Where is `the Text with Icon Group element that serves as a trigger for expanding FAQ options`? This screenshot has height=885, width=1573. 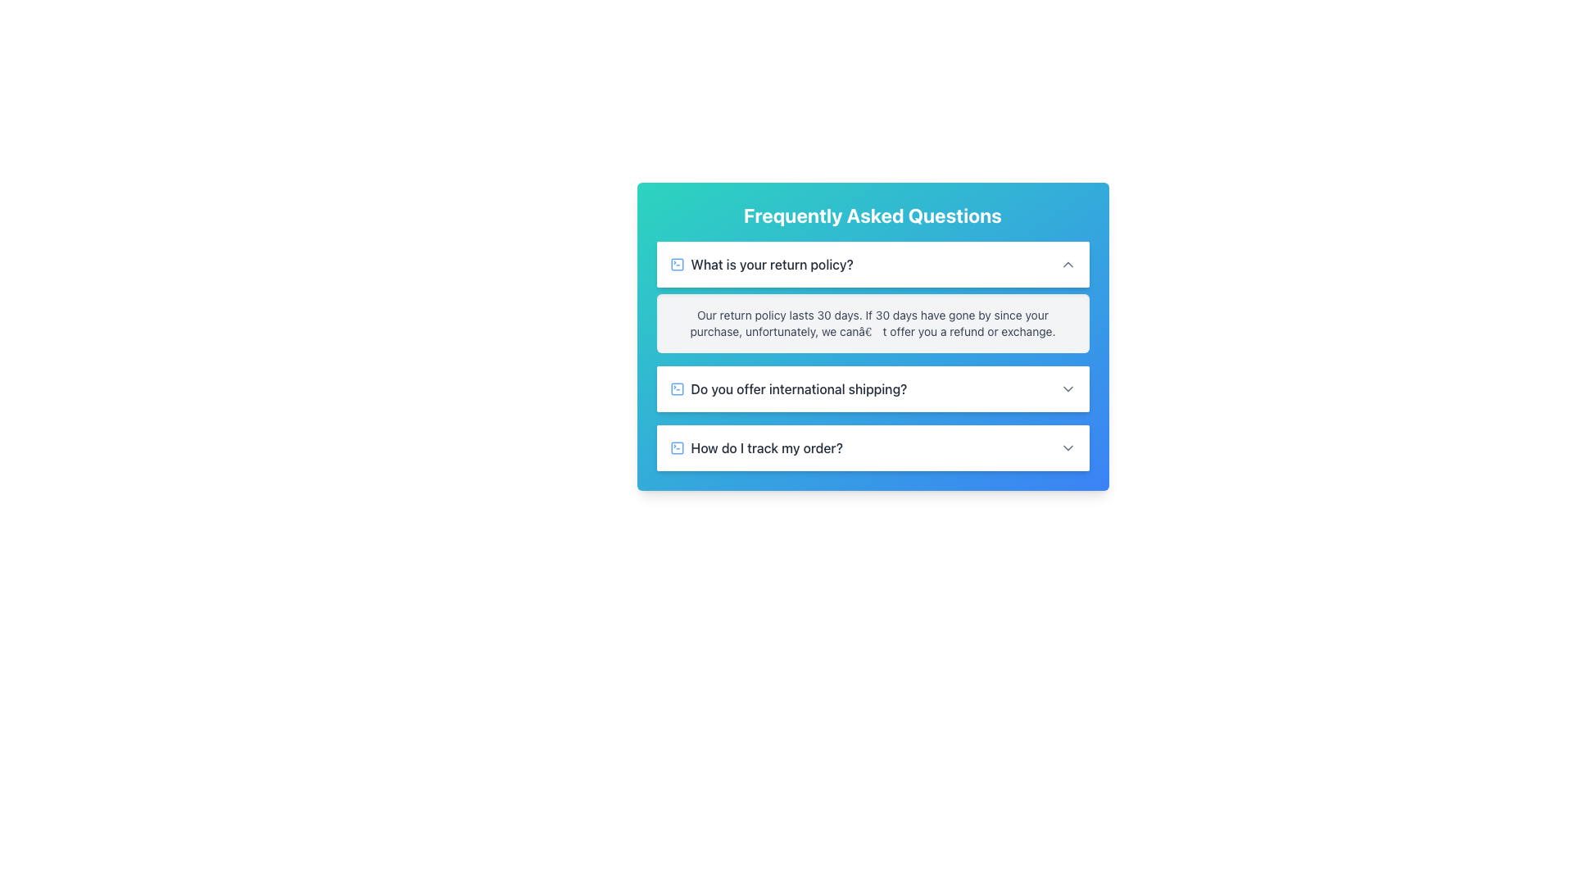 the Text with Icon Group element that serves as a trigger for expanding FAQ options is located at coordinates (788, 388).